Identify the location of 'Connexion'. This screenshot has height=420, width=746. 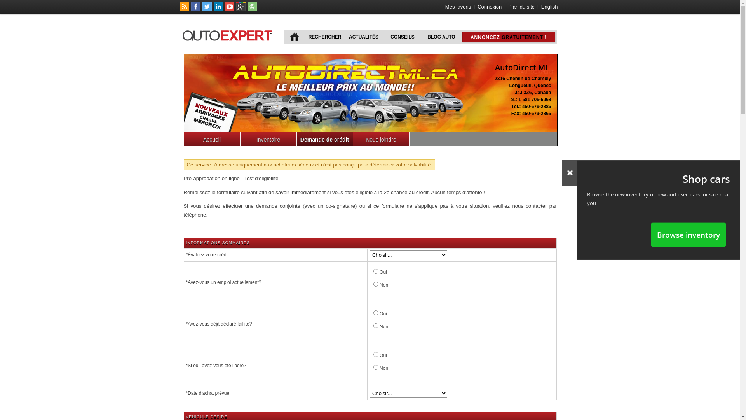
(489, 7).